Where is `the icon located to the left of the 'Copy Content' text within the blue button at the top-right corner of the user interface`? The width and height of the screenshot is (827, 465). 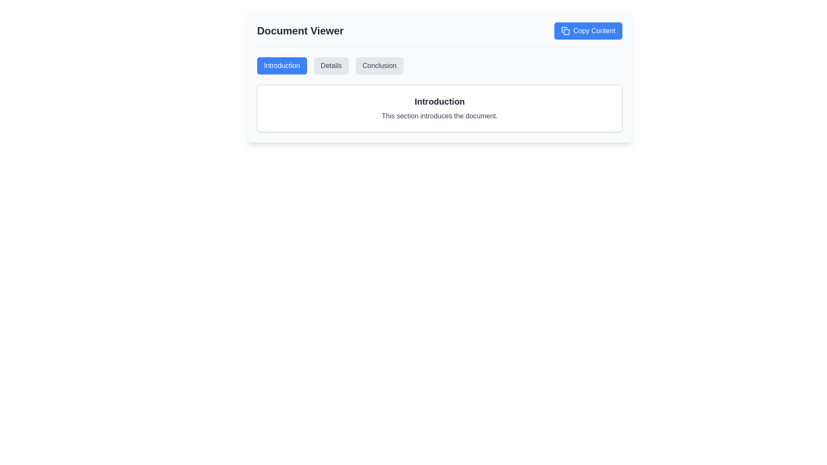 the icon located to the left of the 'Copy Content' text within the blue button at the top-right corner of the user interface is located at coordinates (566, 31).